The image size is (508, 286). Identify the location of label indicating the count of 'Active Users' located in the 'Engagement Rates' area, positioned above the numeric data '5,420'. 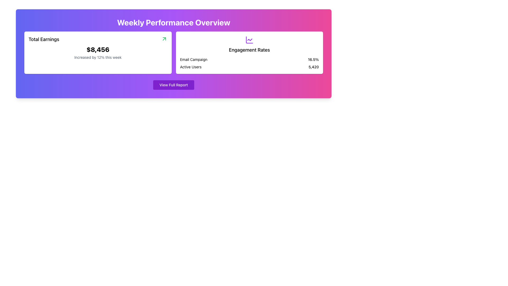
(190, 67).